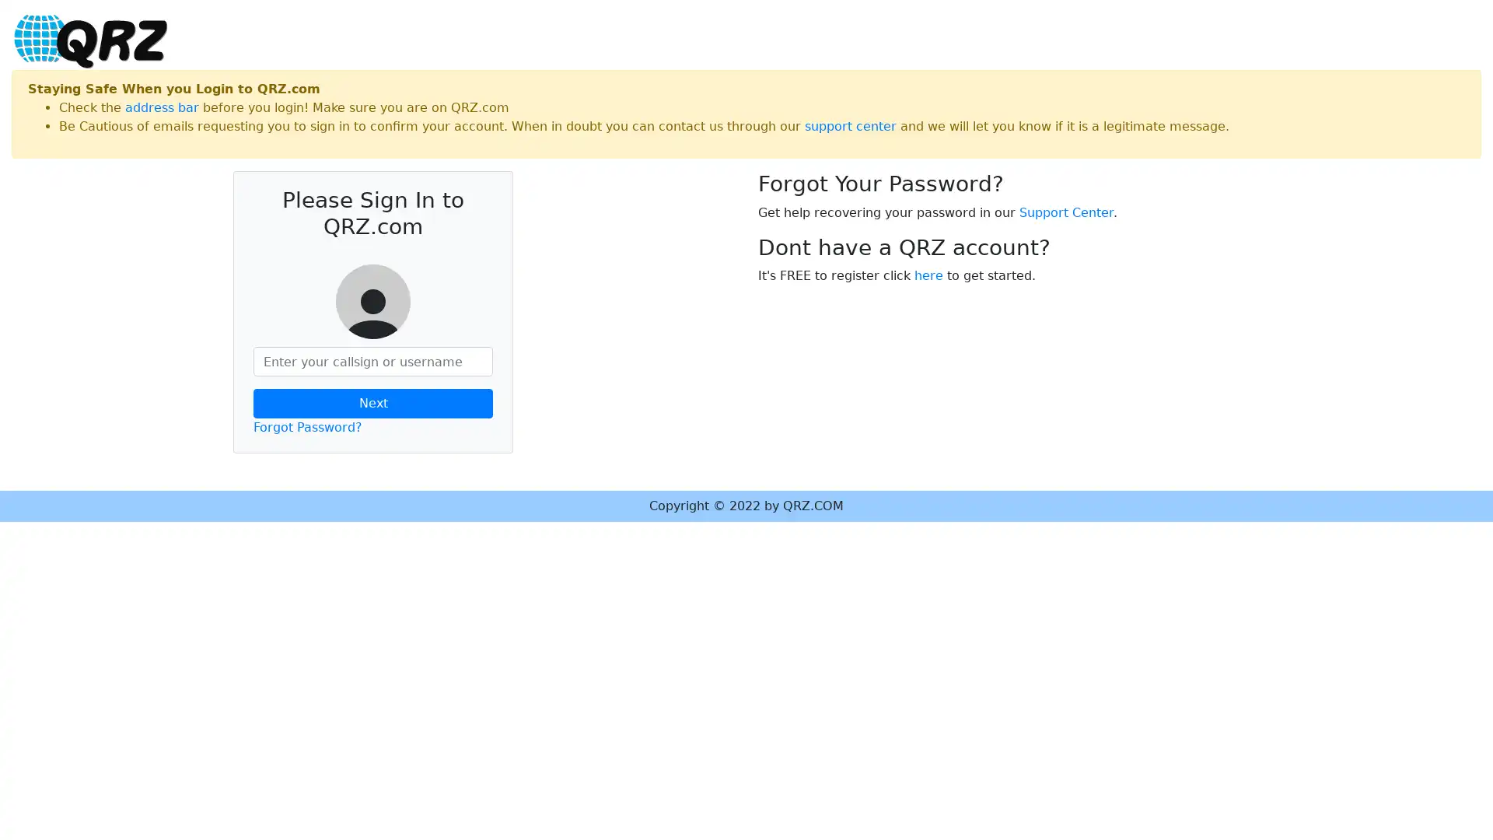 This screenshot has width=1493, height=840. What do you see at coordinates (373, 403) in the screenshot?
I see `Next` at bounding box center [373, 403].